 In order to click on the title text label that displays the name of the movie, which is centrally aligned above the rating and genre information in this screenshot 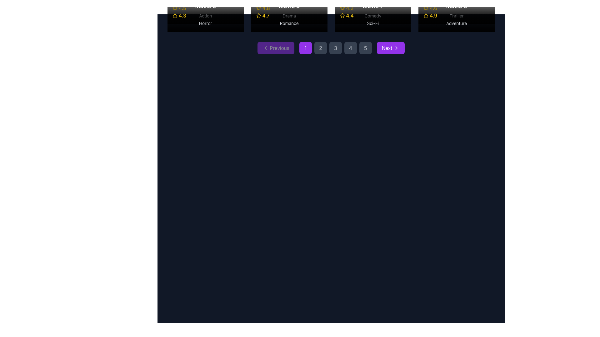, I will do `click(289, 6)`.